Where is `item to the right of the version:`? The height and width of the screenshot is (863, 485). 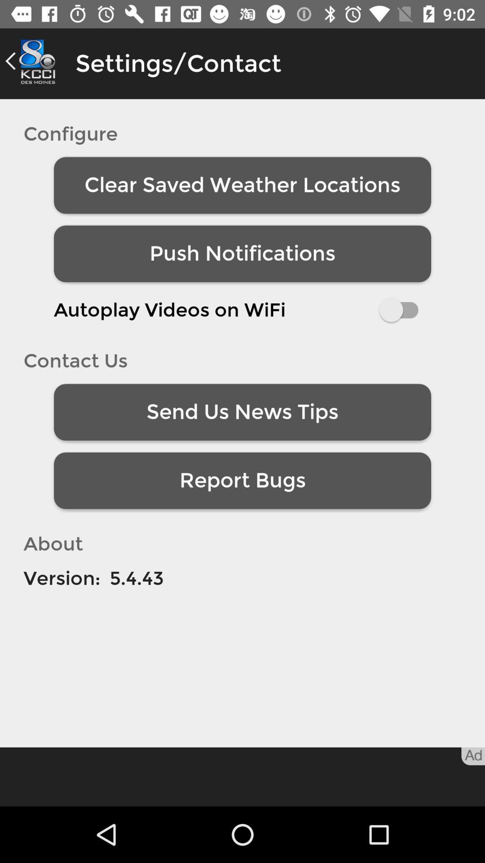
item to the right of the version: is located at coordinates (137, 578).